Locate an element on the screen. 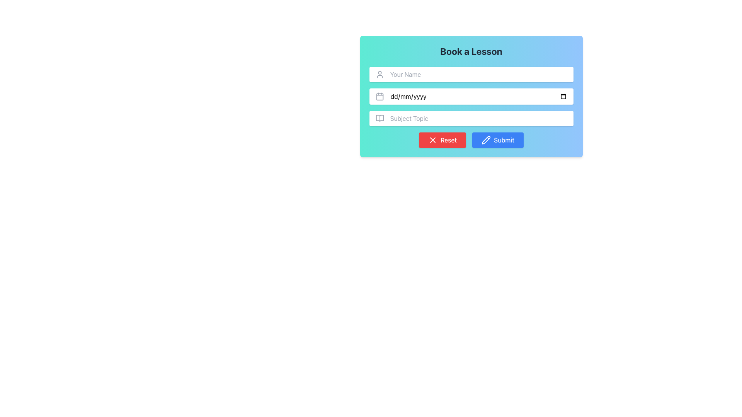 This screenshot has height=417, width=742. the stylized book icon located to the left of the 'Subject Topic' text input field in the lesson booking form is located at coordinates (380, 119).